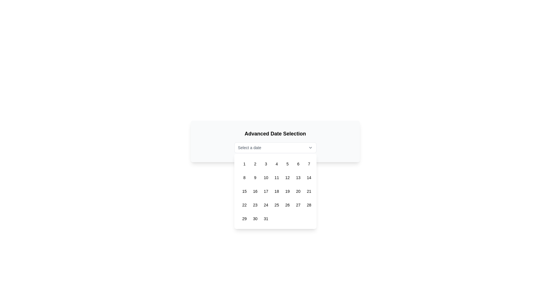  I want to click on the square button labeled '30' in the calendar grid, so click(255, 218).